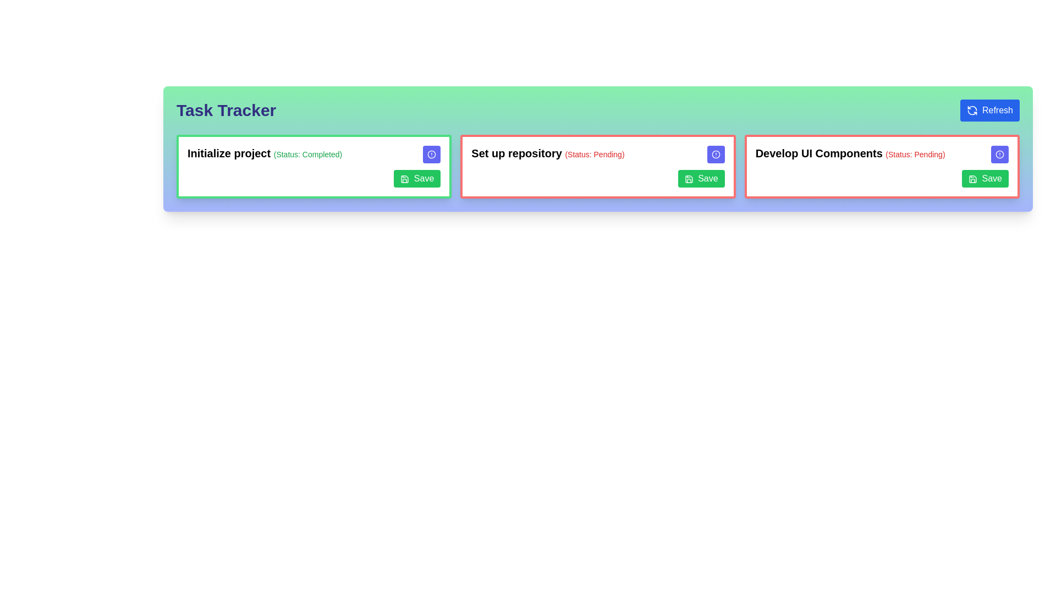 This screenshot has height=594, width=1056. What do you see at coordinates (990, 110) in the screenshot?
I see `the 'Refresh' button with a blue background and white text, located at the top-right of the 'Task Tracker' interface` at bounding box center [990, 110].